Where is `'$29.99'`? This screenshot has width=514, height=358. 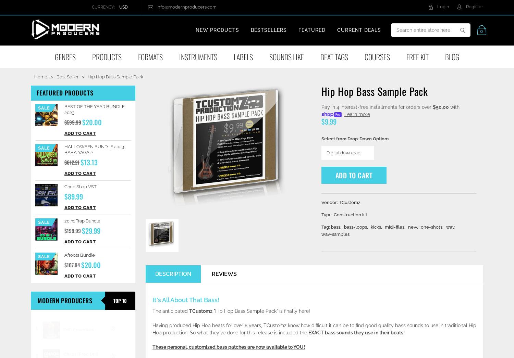 '$29.99' is located at coordinates (91, 230).